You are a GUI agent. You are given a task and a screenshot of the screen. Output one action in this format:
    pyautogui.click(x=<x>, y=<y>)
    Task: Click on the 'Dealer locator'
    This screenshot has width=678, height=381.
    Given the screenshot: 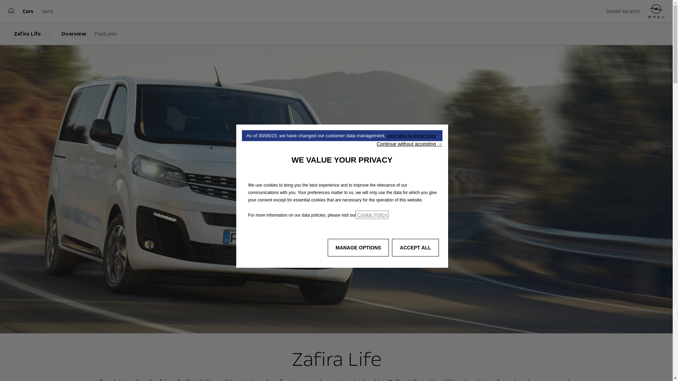 What is the action you would take?
    pyautogui.click(x=623, y=11)
    